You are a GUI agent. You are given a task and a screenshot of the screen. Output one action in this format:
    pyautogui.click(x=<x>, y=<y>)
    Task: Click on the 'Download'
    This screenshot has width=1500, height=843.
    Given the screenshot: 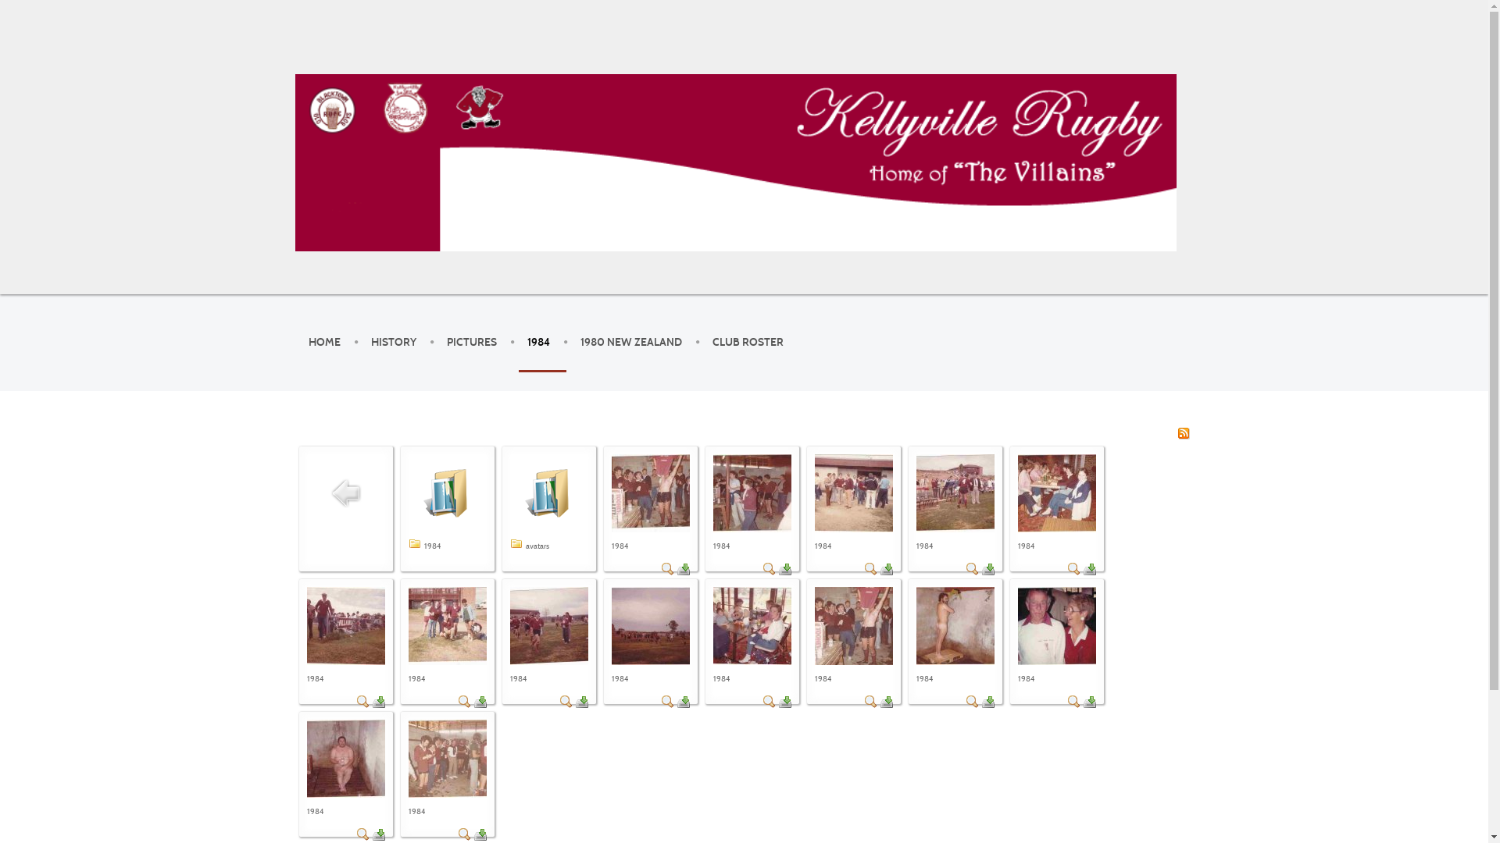 What is the action you would take?
    pyautogui.click(x=885, y=567)
    